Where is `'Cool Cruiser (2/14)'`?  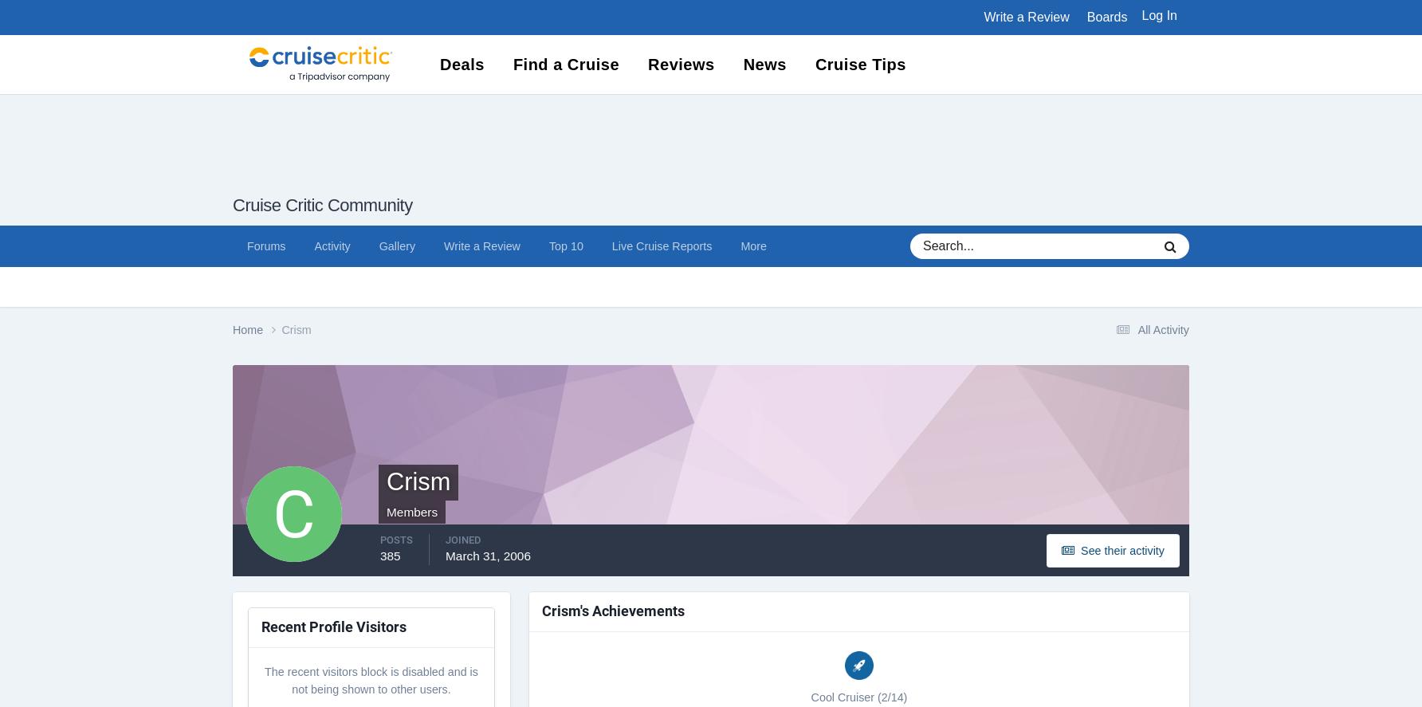
'Cool Cruiser (2/14)' is located at coordinates (858, 697).